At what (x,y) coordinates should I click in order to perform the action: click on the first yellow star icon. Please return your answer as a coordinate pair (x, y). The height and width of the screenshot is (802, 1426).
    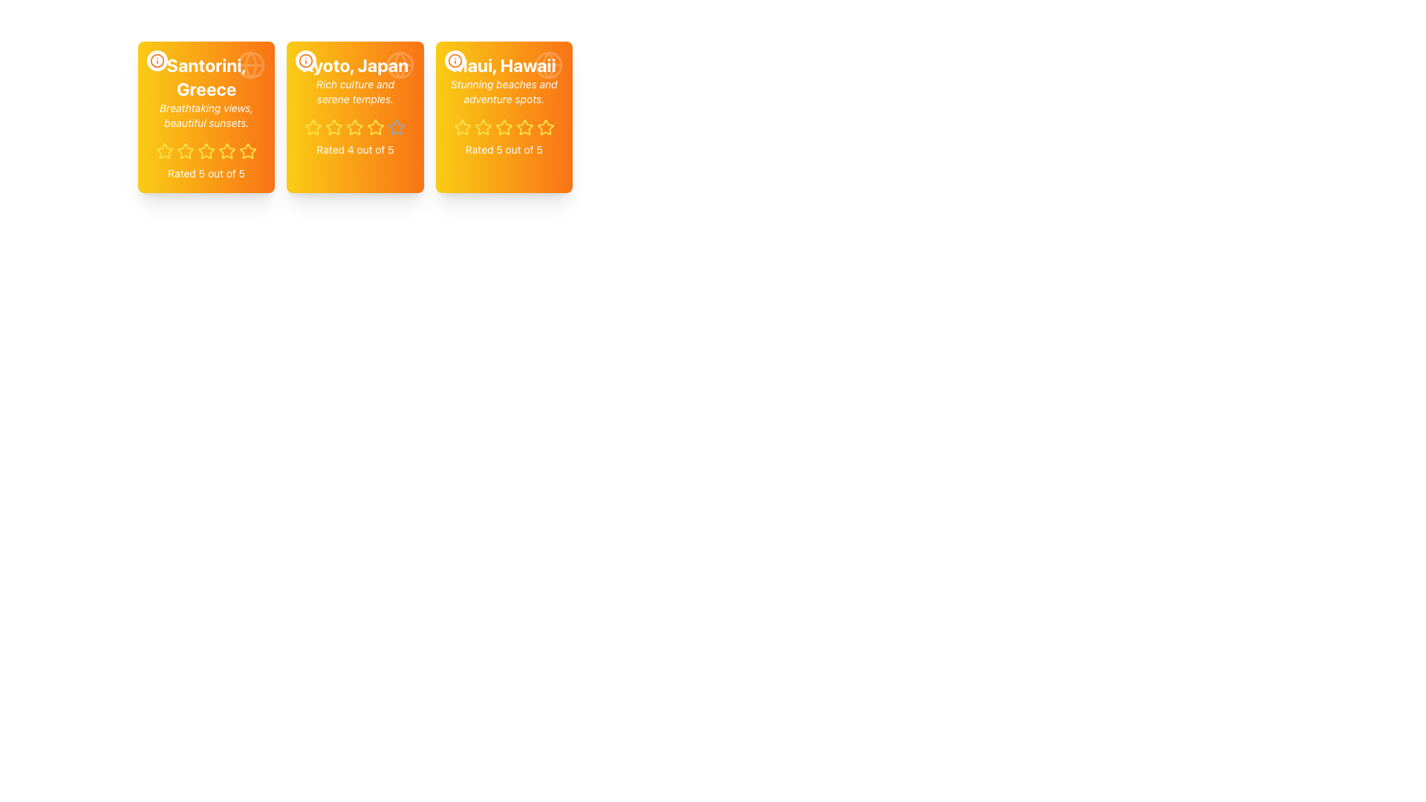
    Looking at the image, I should click on (313, 126).